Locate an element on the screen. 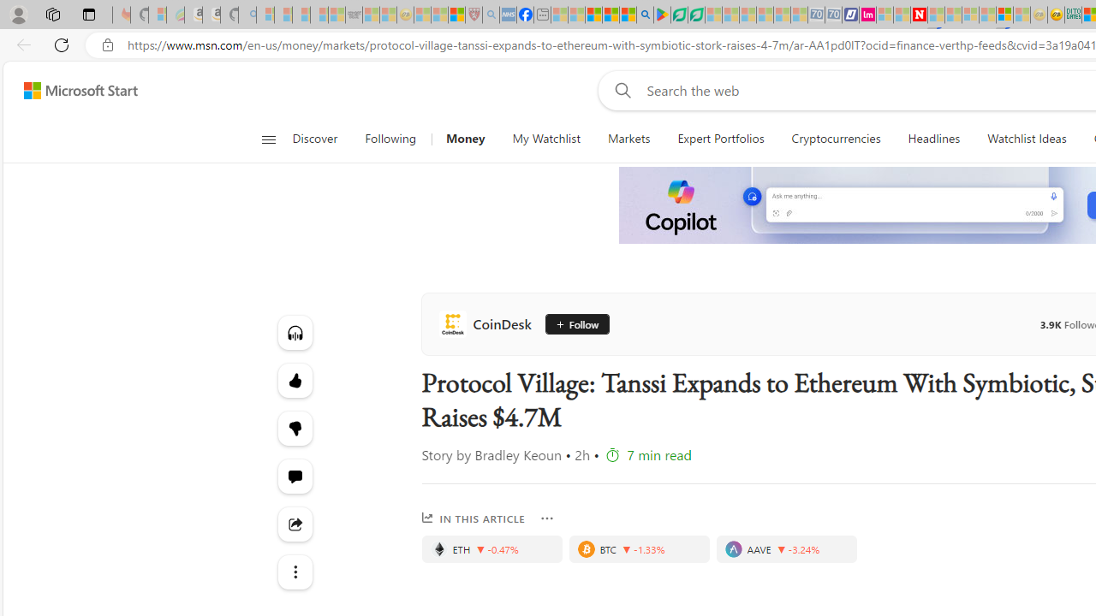 The width and height of the screenshot is (1096, 616). 'Cryptocurrencies' is located at coordinates (836, 139).